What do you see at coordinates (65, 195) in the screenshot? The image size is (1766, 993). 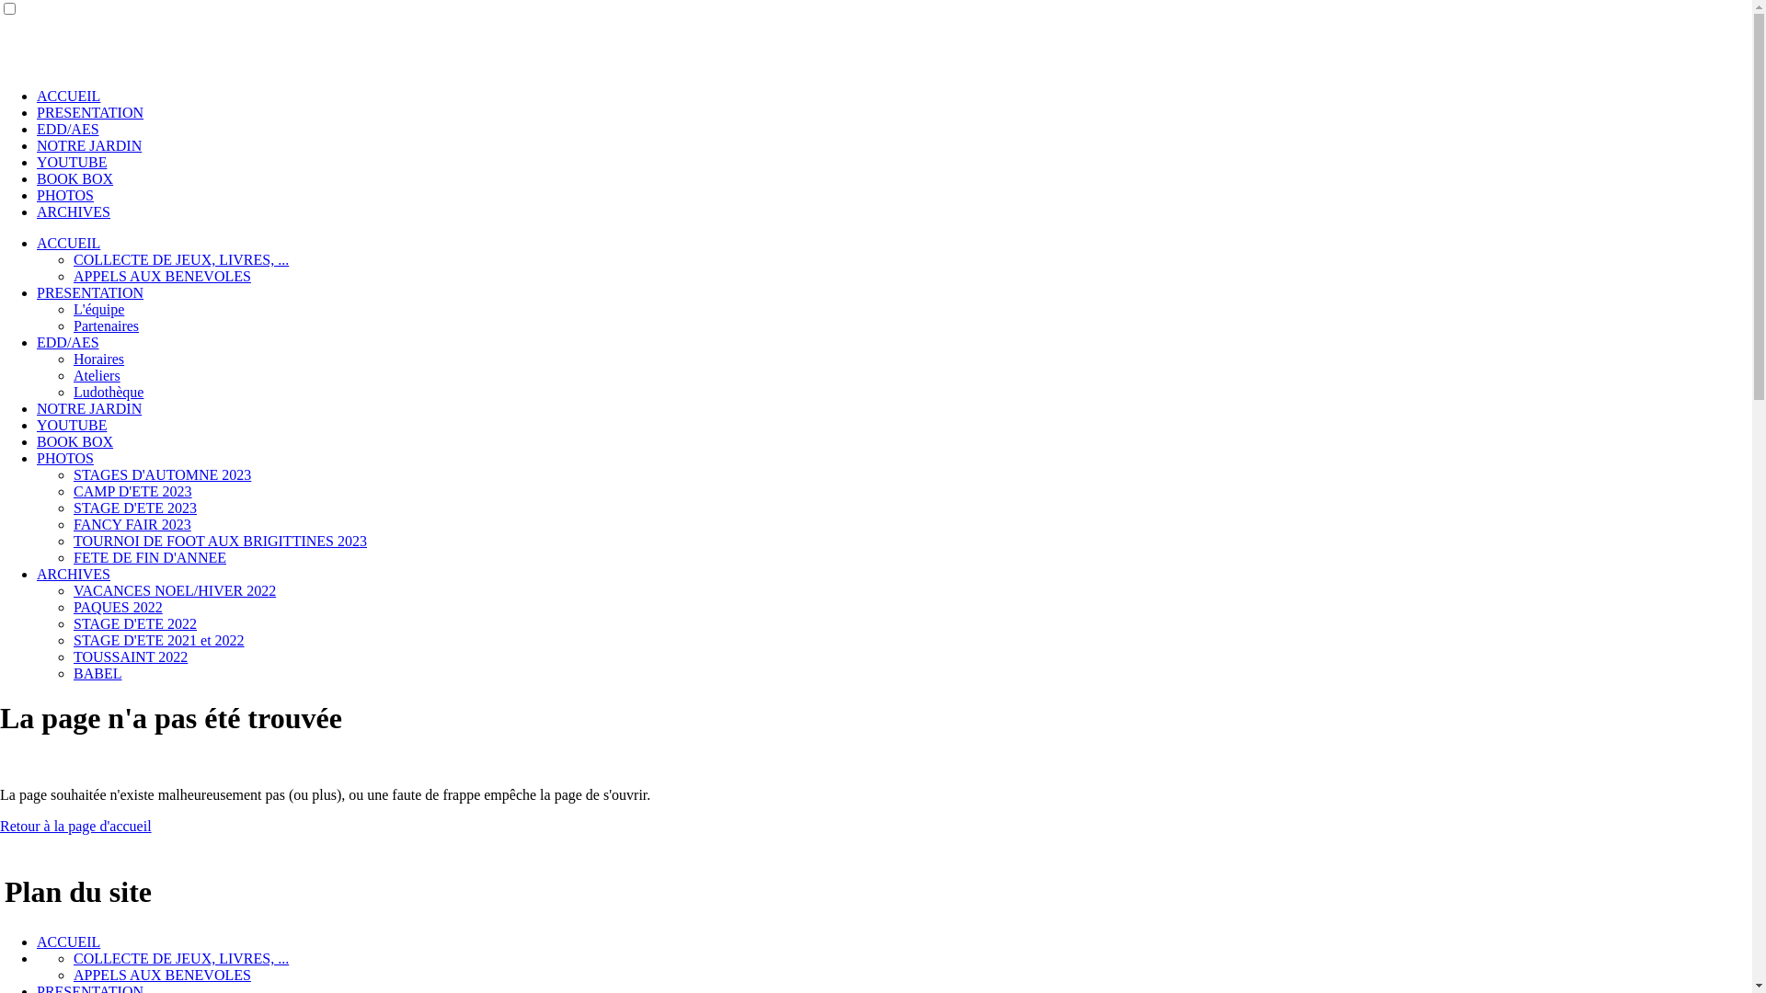 I see `'PHOTOS'` at bounding box center [65, 195].